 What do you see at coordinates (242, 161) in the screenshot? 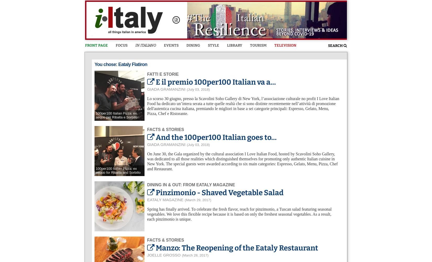
I see `'On June 30, the Gala organized by the cultural association I Love Italian Food, hosted by Scavolini Soho Gallery, was dedicated to all those realities which distinguished themselves for promoting only authentic Italian cuisine in New York. The special guests were awarded according to six main categories: Espresso, Gelato, Menu, Pizza, Chef and Restaurant.'` at bounding box center [242, 161].